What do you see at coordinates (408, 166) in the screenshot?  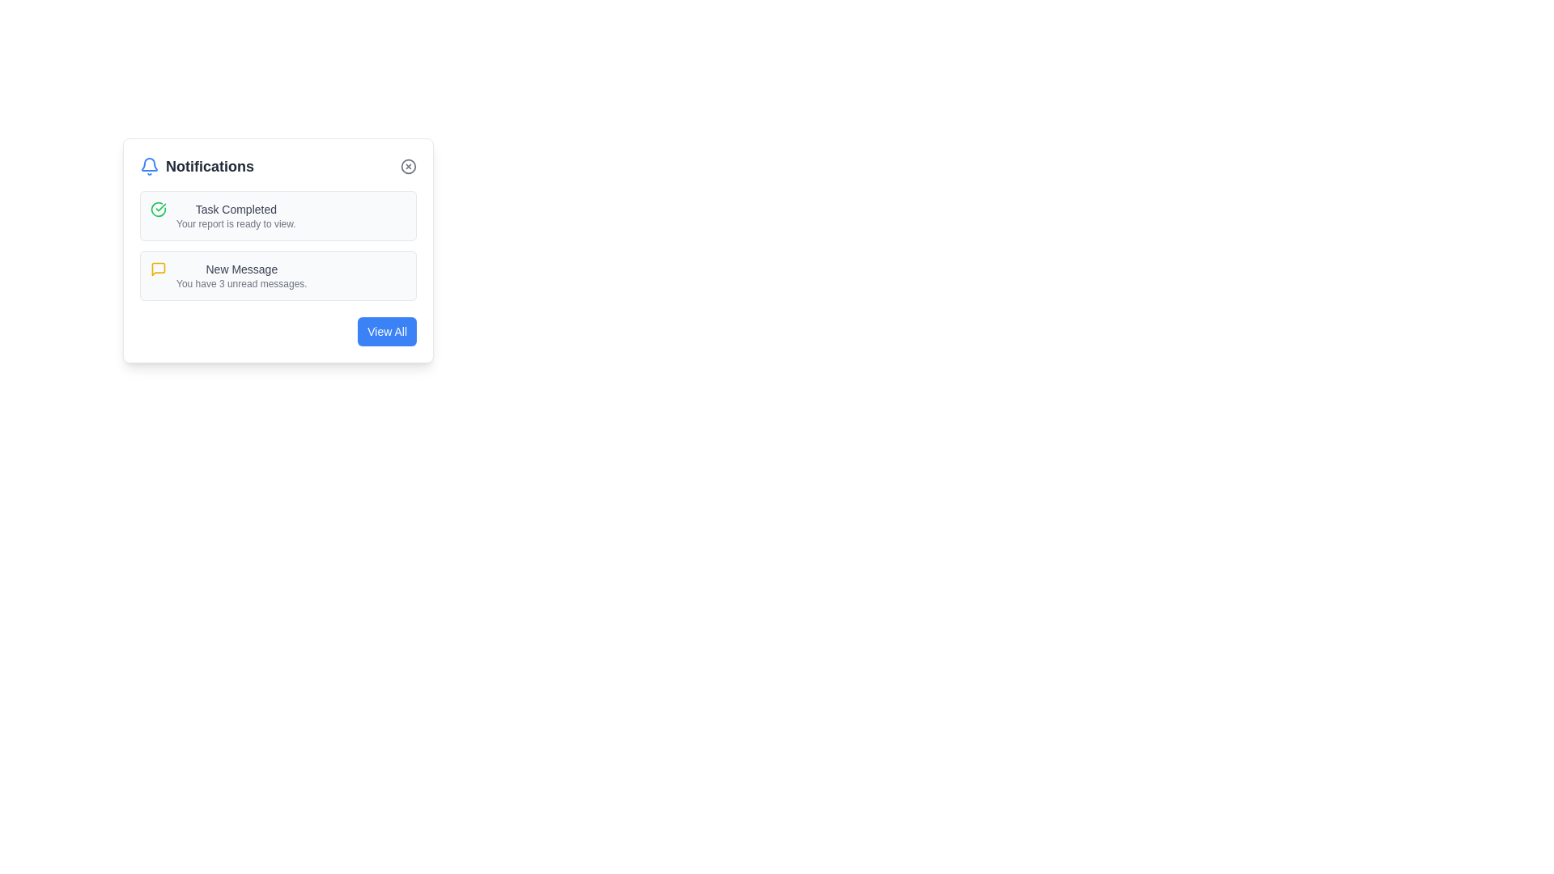 I see `the circular close button located in the top-right corner of the notification panel` at bounding box center [408, 166].